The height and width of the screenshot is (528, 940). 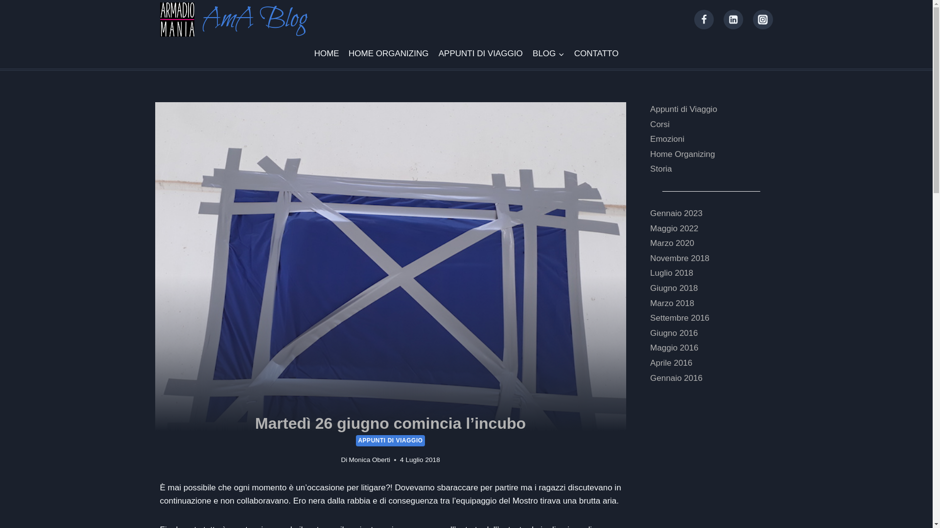 I want to click on 'HOME ORGANIZING', so click(x=388, y=54).